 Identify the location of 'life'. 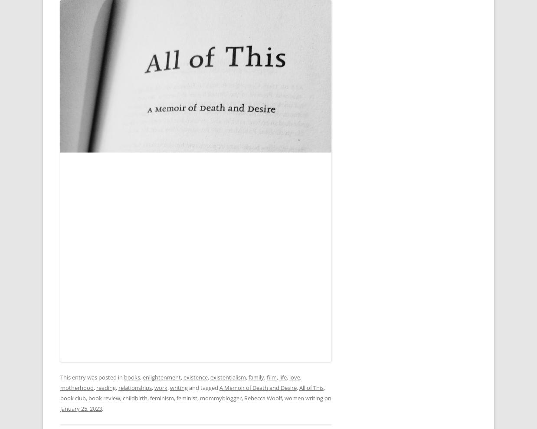
(279, 377).